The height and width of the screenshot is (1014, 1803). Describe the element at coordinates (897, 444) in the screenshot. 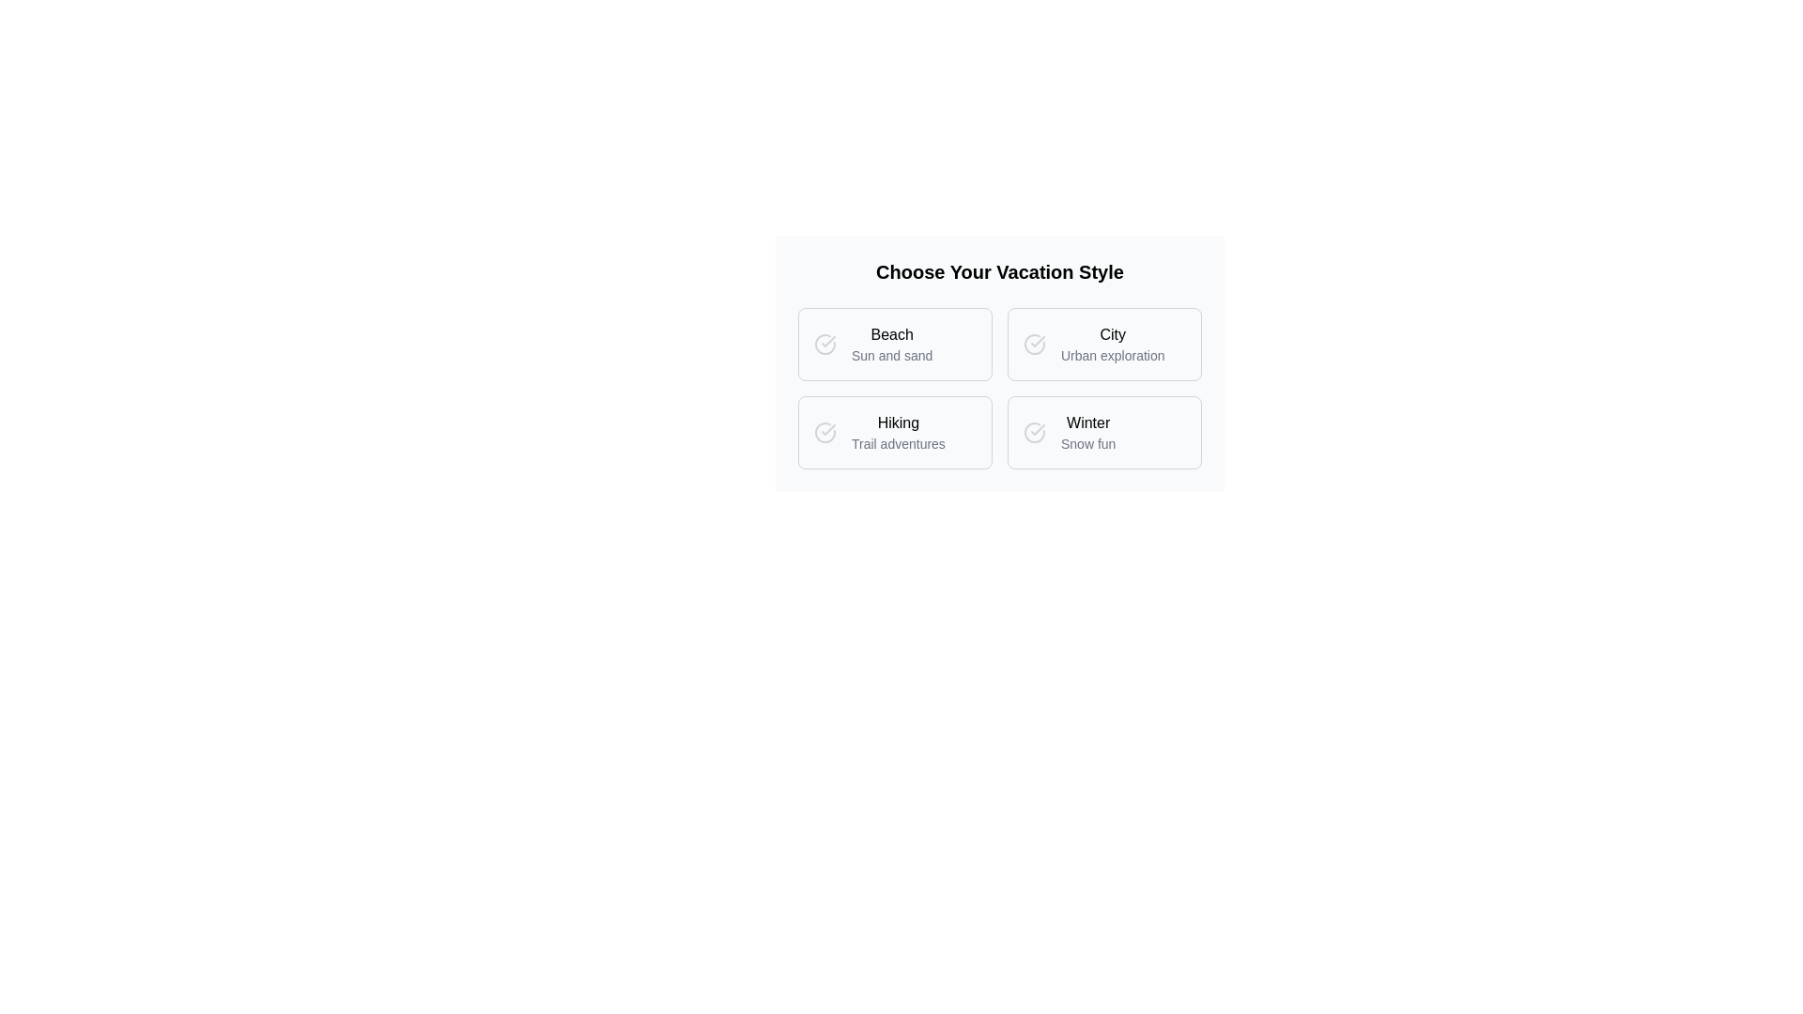

I see `the text label reading 'Trail adventures', which is styled in gray and positioned below the bold label 'Hiking' in the selection panel` at that location.